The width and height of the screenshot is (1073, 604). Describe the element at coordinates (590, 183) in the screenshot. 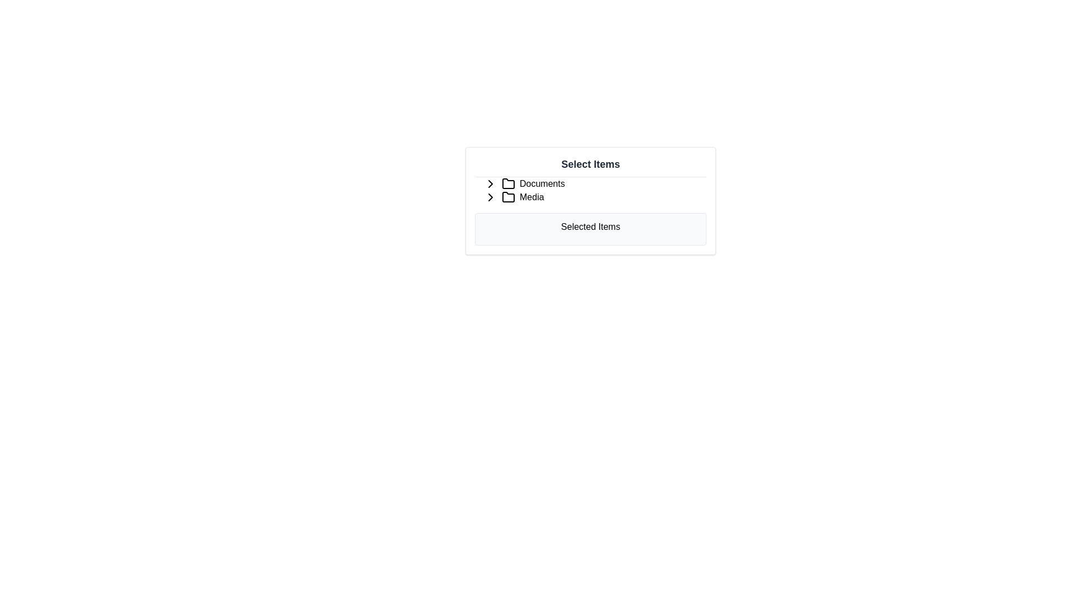

I see `the arrow on the first tree item in the hierarchical structure` at that location.